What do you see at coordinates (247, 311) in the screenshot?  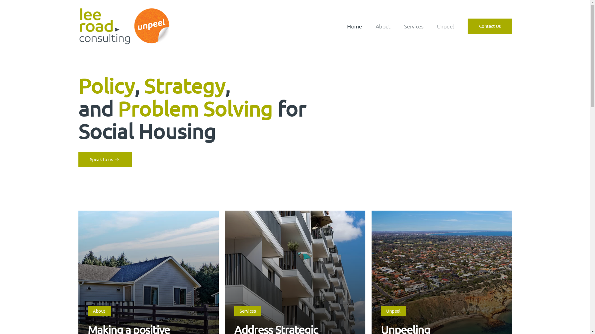 I see `'Services'` at bounding box center [247, 311].